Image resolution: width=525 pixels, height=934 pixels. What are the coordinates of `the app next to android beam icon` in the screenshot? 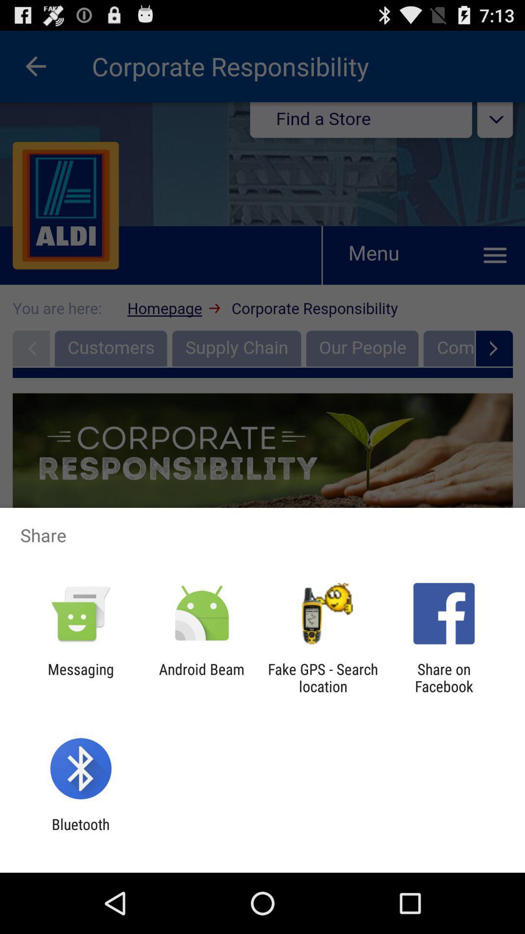 It's located at (80, 677).